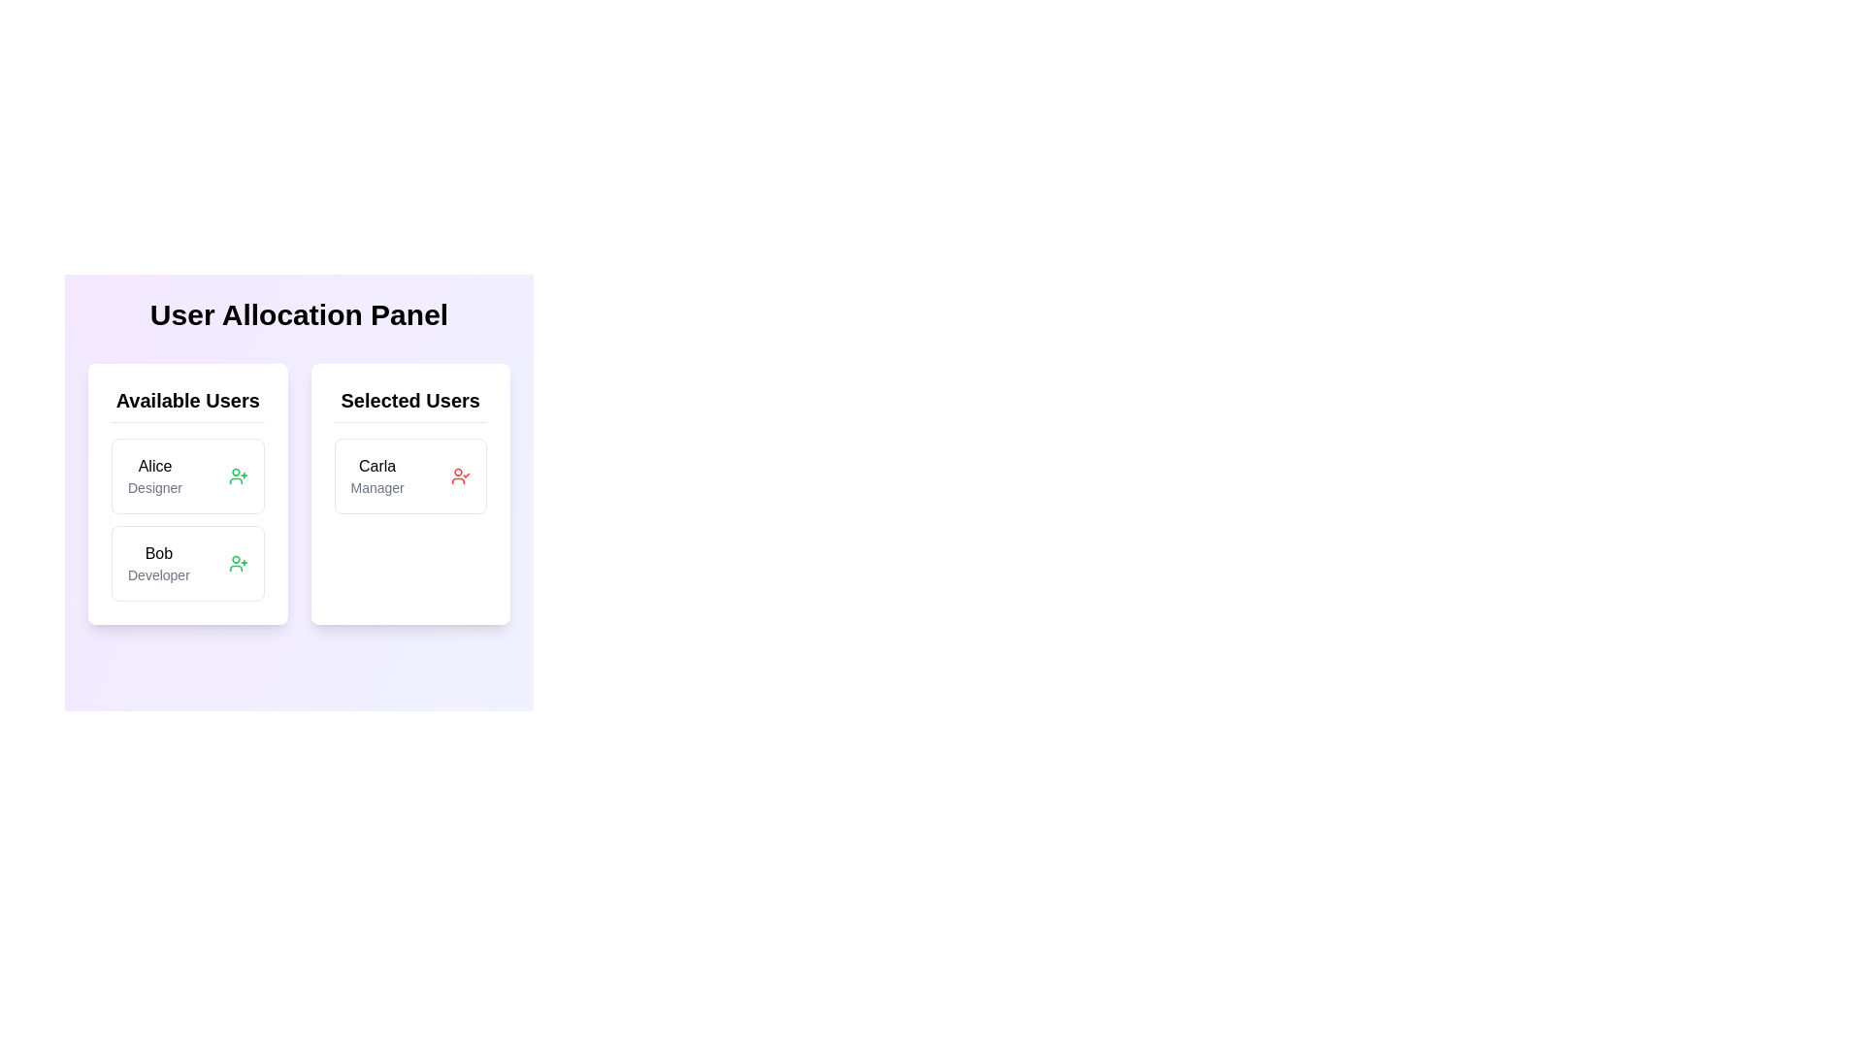 This screenshot has width=1863, height=1048. I want to click on any interactive button within the composite panel containing two categorized lists labeled 'Available Users' and 'Selected Users' to transfer users, so click(298, 493).